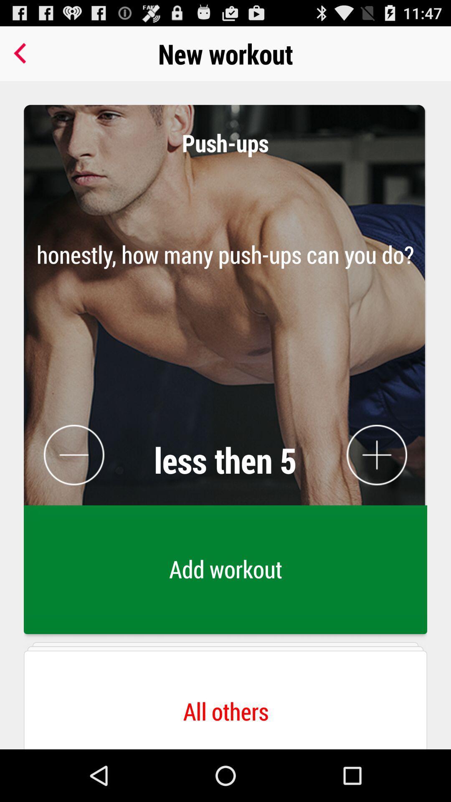  What do you see at coordinates (225, 338) in the screenshot?
I see `the button above all others item` at bounding box center [225, 338].